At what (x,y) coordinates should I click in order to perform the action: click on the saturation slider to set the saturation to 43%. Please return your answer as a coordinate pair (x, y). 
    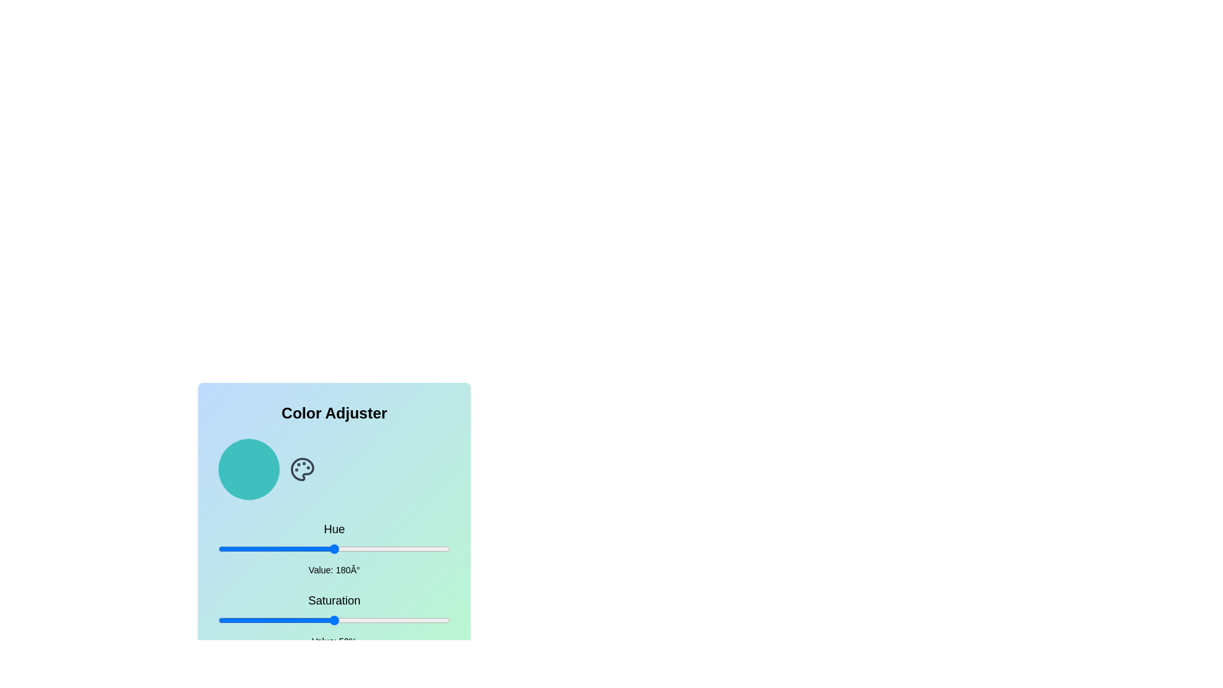
    Looking at the image, I should click on (318, 620).